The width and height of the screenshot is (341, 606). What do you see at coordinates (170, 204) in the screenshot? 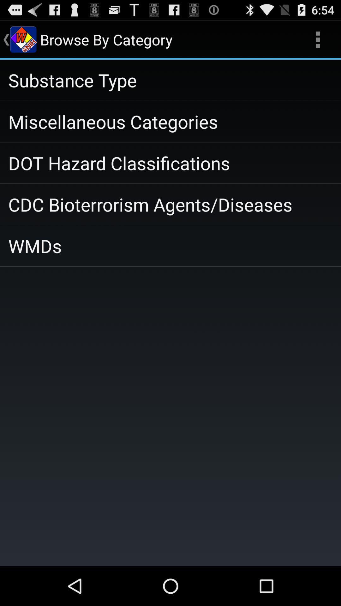
I see `the cdc bioterrorism agents item` at bounding box center [170, 204].